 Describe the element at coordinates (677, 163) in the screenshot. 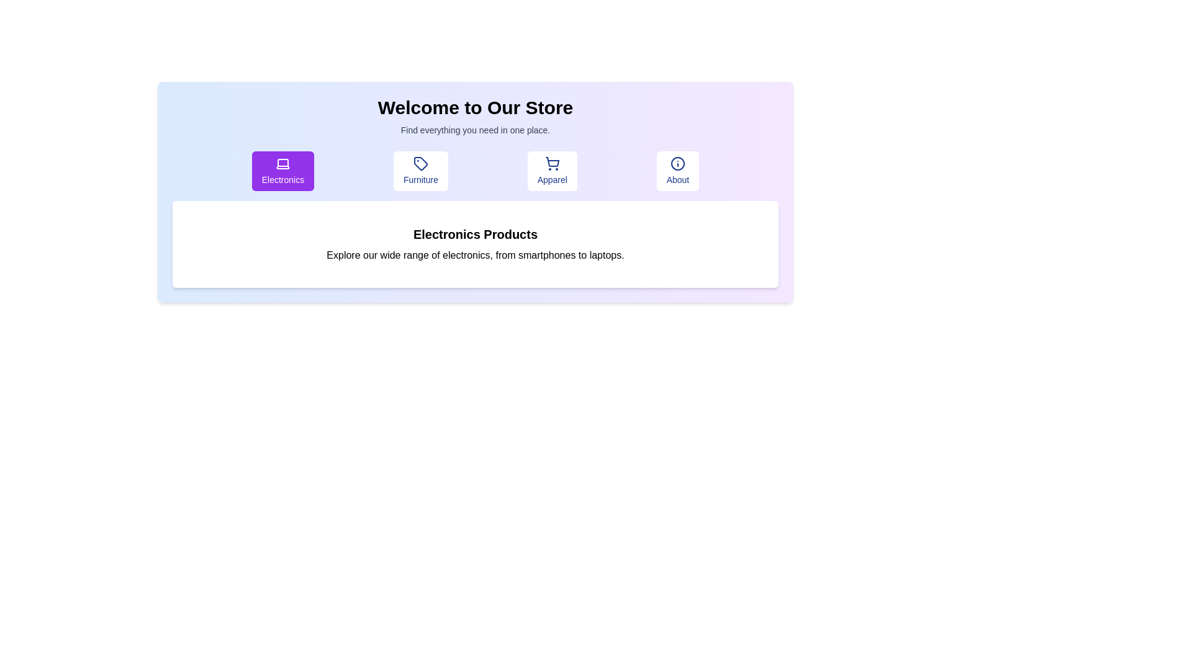

I see `the circular information icon with a blue outline located above the 'About' label in the fourth tile of options` at that location.